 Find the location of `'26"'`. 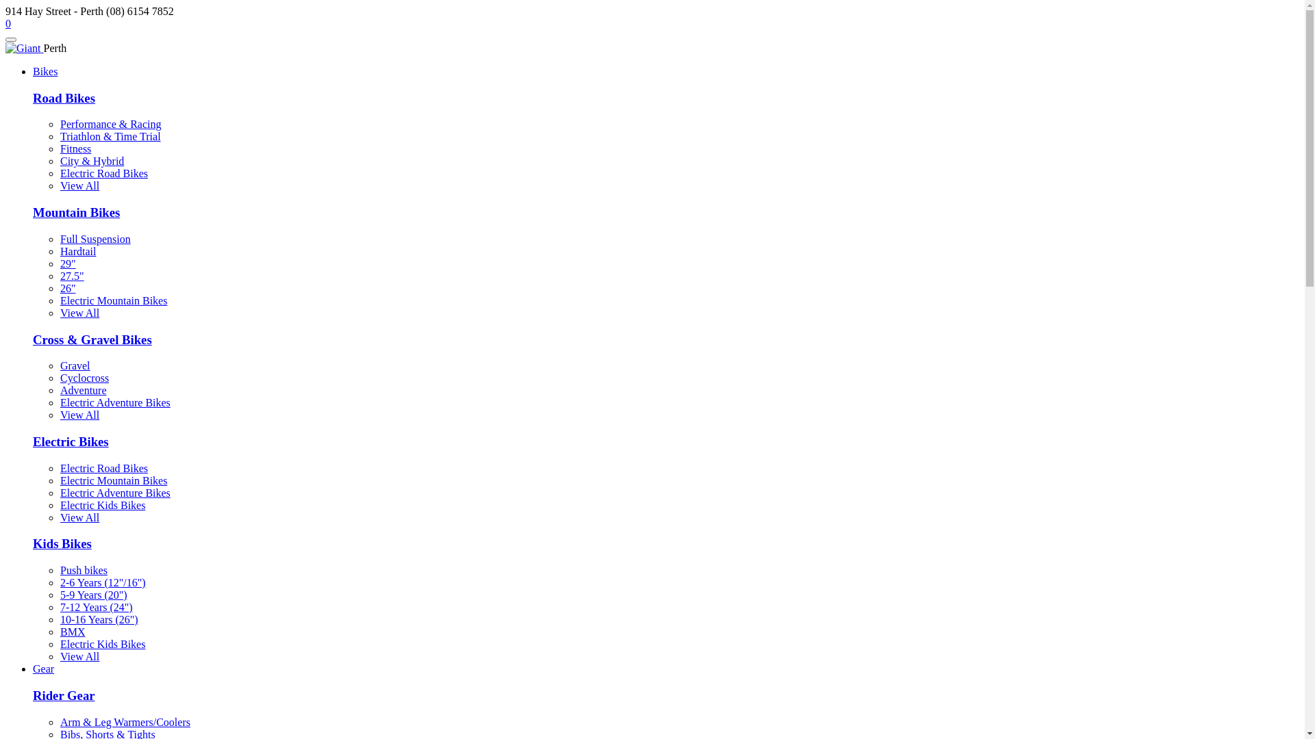

'26"' is located at coordinates (67, 287).